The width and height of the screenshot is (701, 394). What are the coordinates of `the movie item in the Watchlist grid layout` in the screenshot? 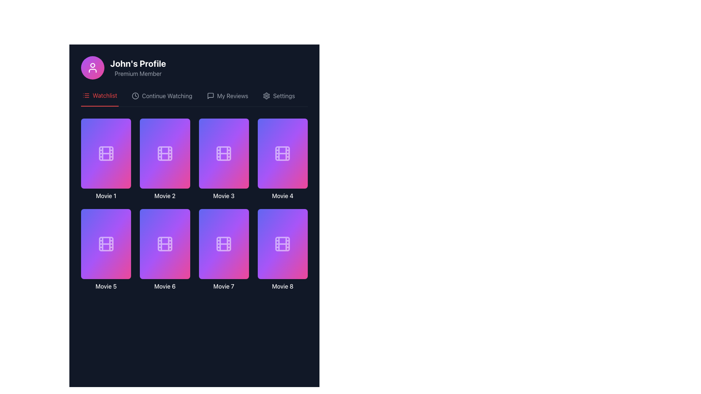 It's located at (194, 204).